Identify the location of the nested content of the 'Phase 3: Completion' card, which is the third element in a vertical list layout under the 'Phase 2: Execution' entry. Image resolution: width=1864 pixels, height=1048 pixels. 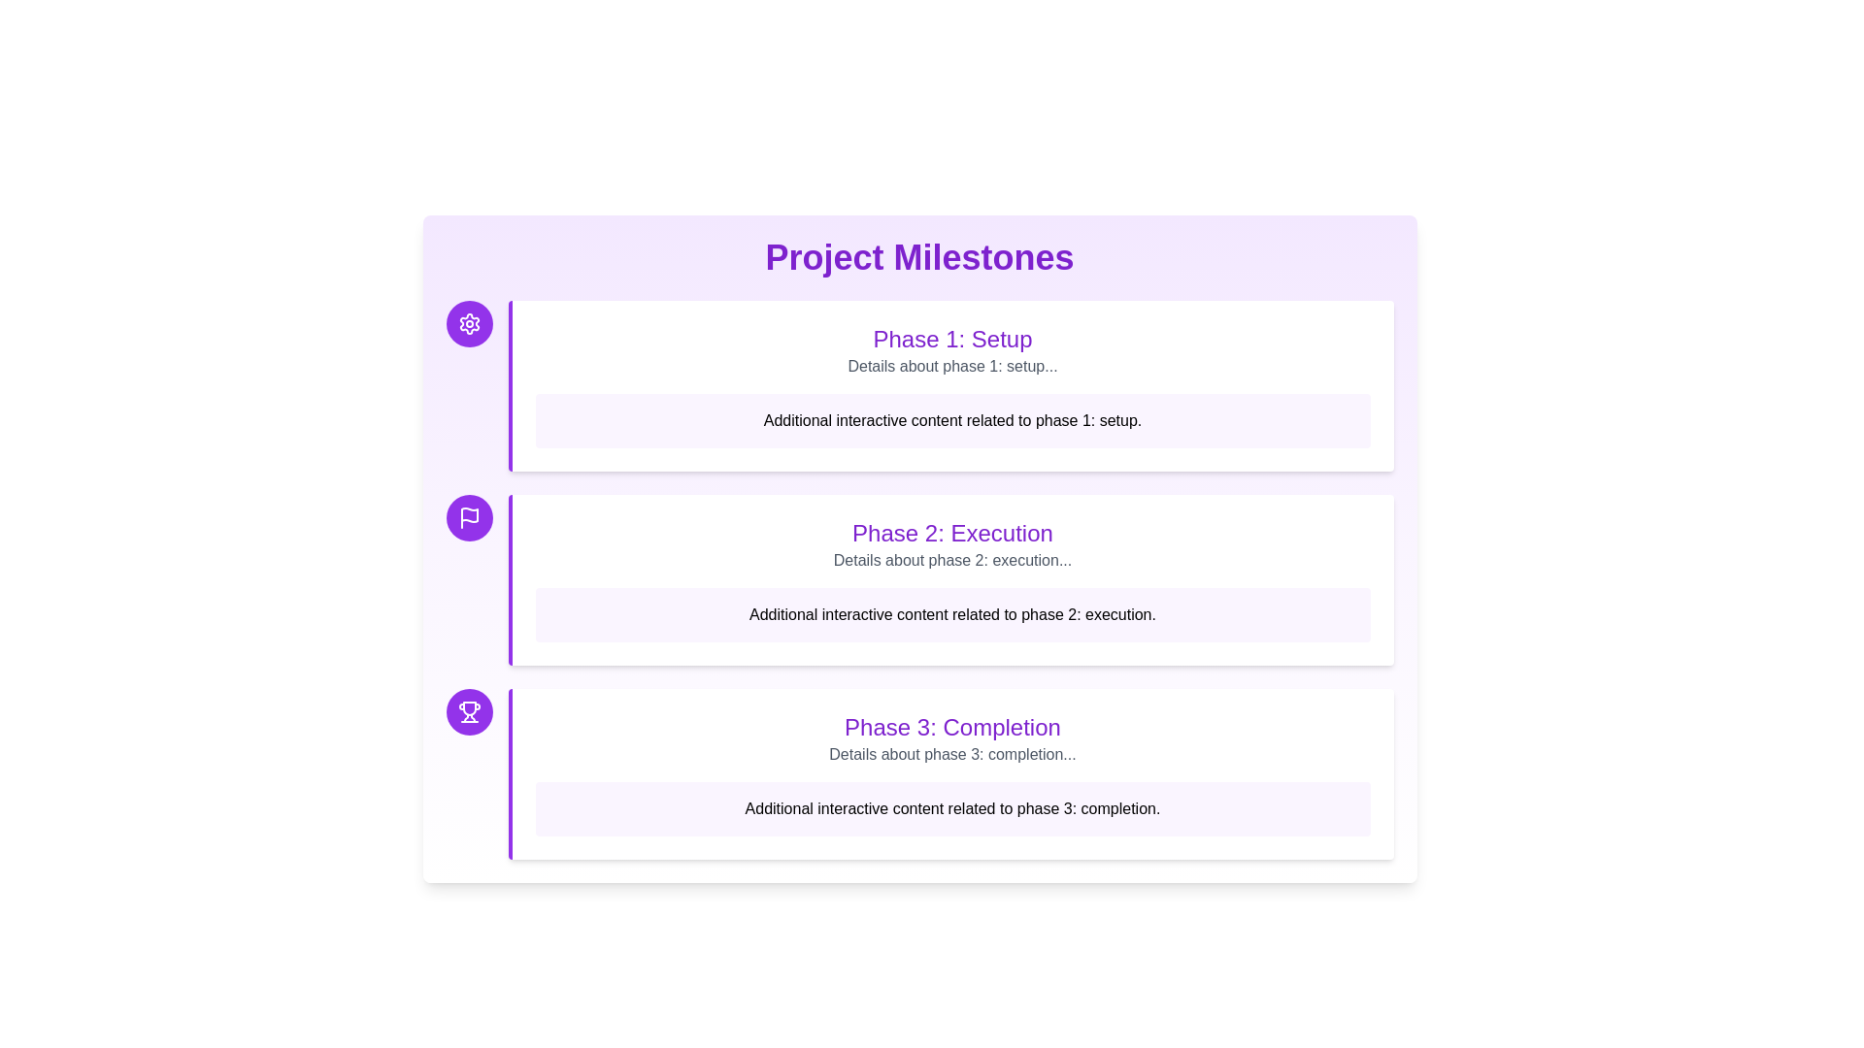
(950, 773).